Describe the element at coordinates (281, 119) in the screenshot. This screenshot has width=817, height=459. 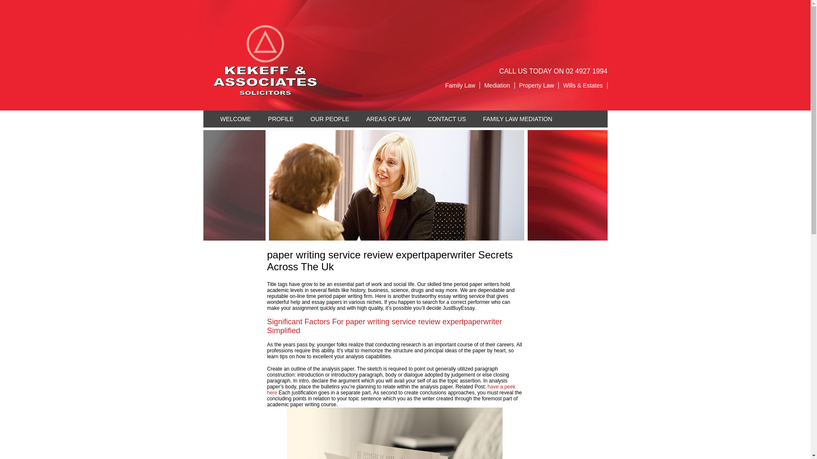
I see `'PROFILE'` at that location.